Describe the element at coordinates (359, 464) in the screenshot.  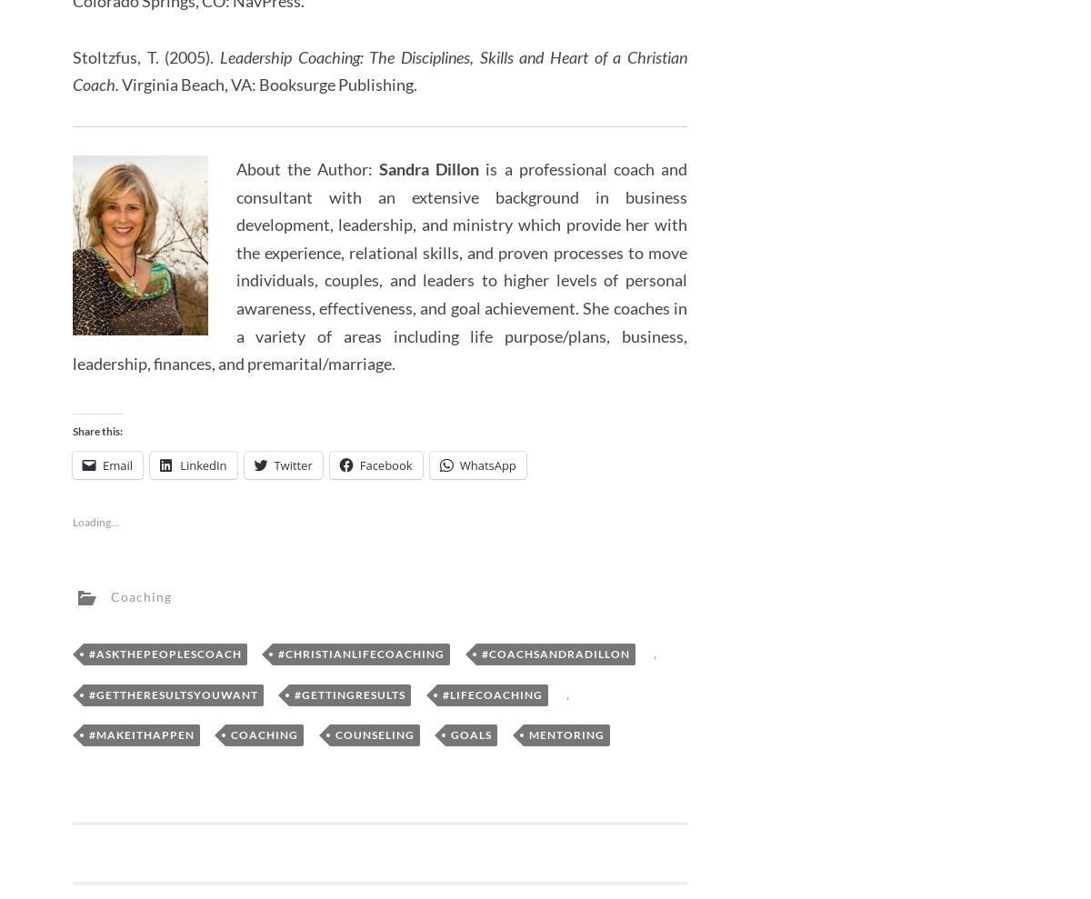
I see `'Facebook'` at that location.